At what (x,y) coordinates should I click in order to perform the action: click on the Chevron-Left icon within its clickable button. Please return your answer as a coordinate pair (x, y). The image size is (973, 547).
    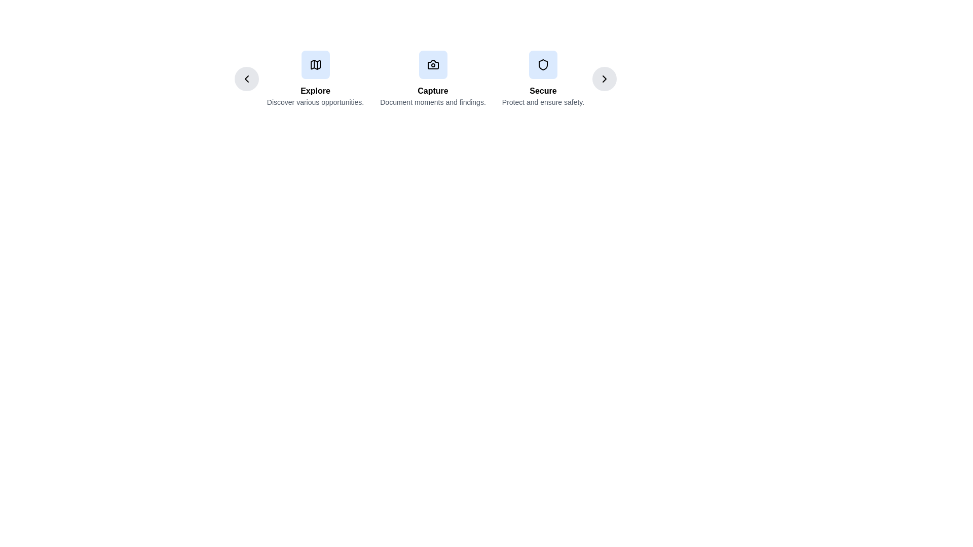
    Looking at the image, I should click on (246, 78).